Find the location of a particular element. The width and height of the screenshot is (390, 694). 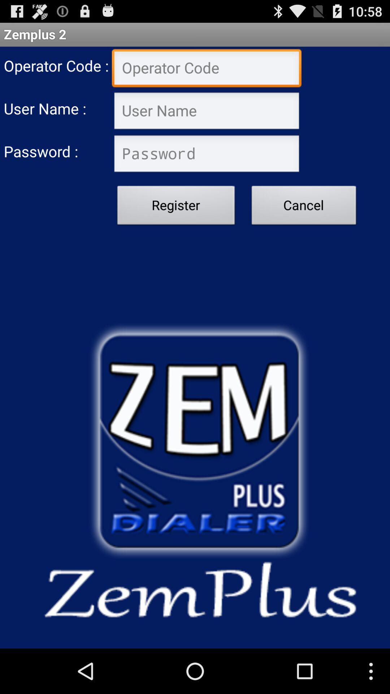

user name is located at coordinates (207, 111).